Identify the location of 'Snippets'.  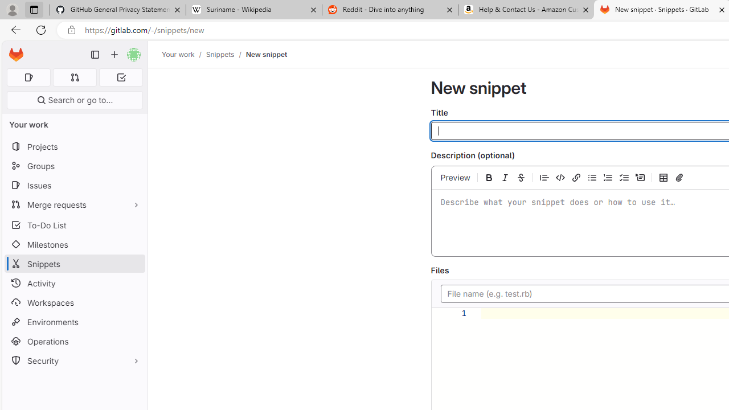
(220, 54).